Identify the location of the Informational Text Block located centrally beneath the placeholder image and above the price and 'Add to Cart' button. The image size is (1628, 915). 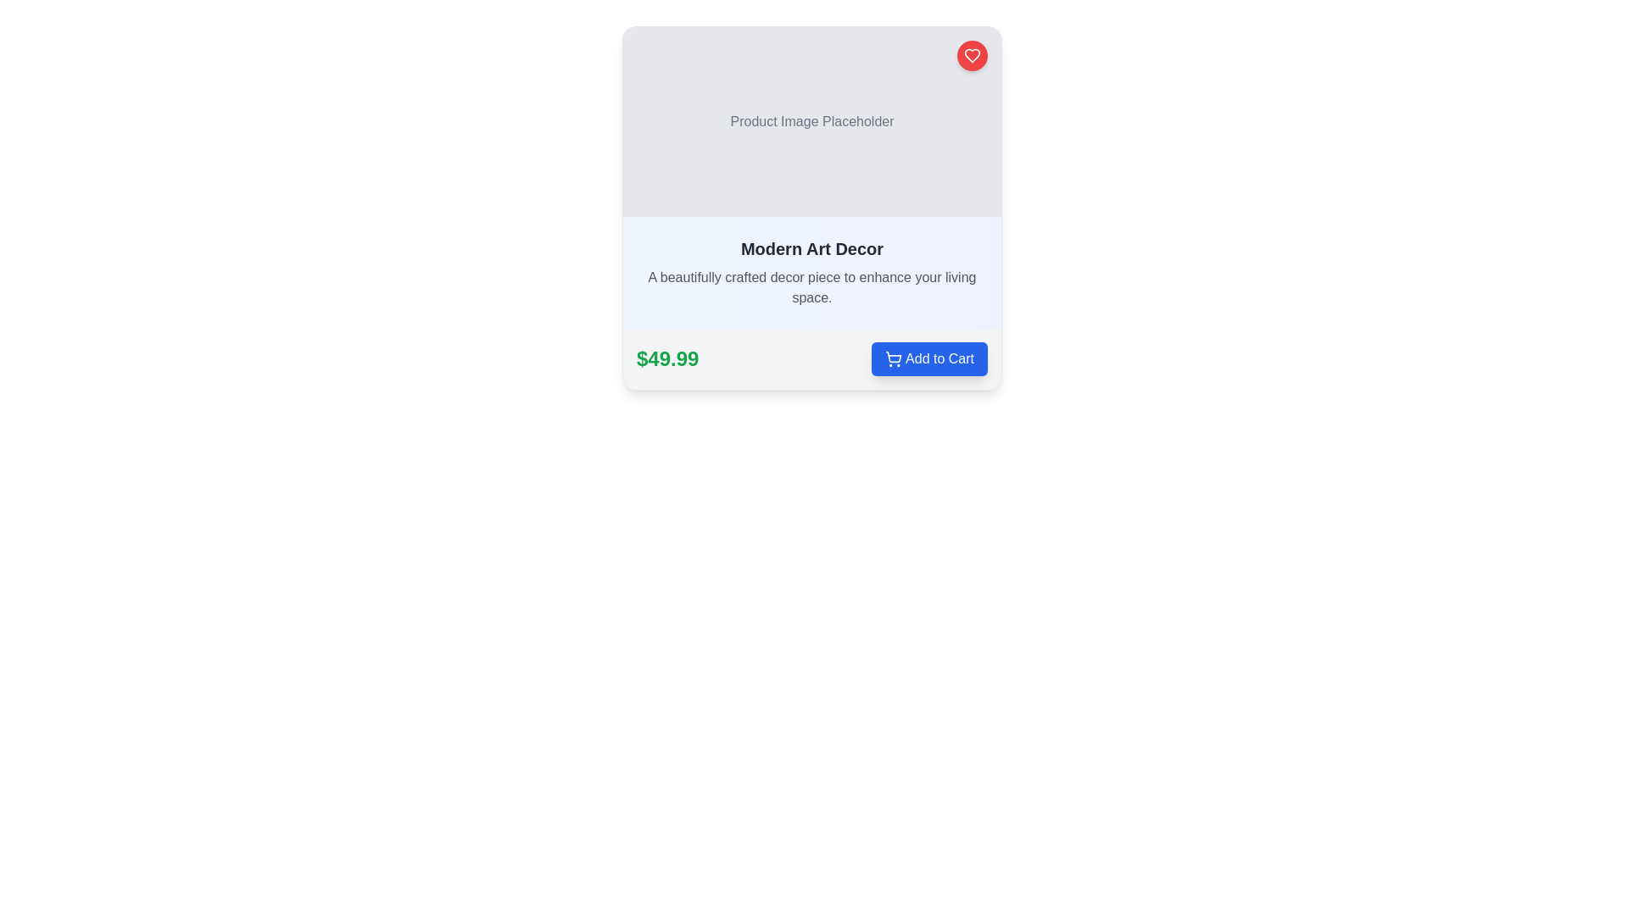
(811, 271).